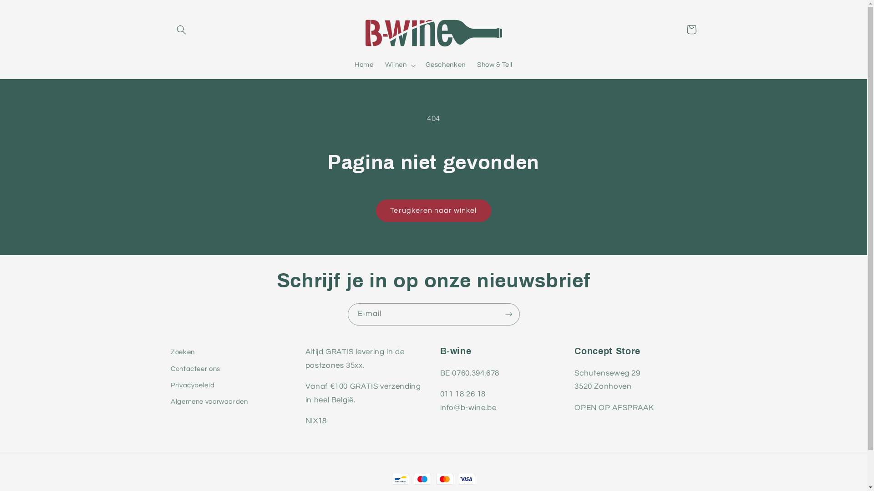 This screenshot has width=874, height=491. I want to click on 'Geschenken', so click(446, 65).